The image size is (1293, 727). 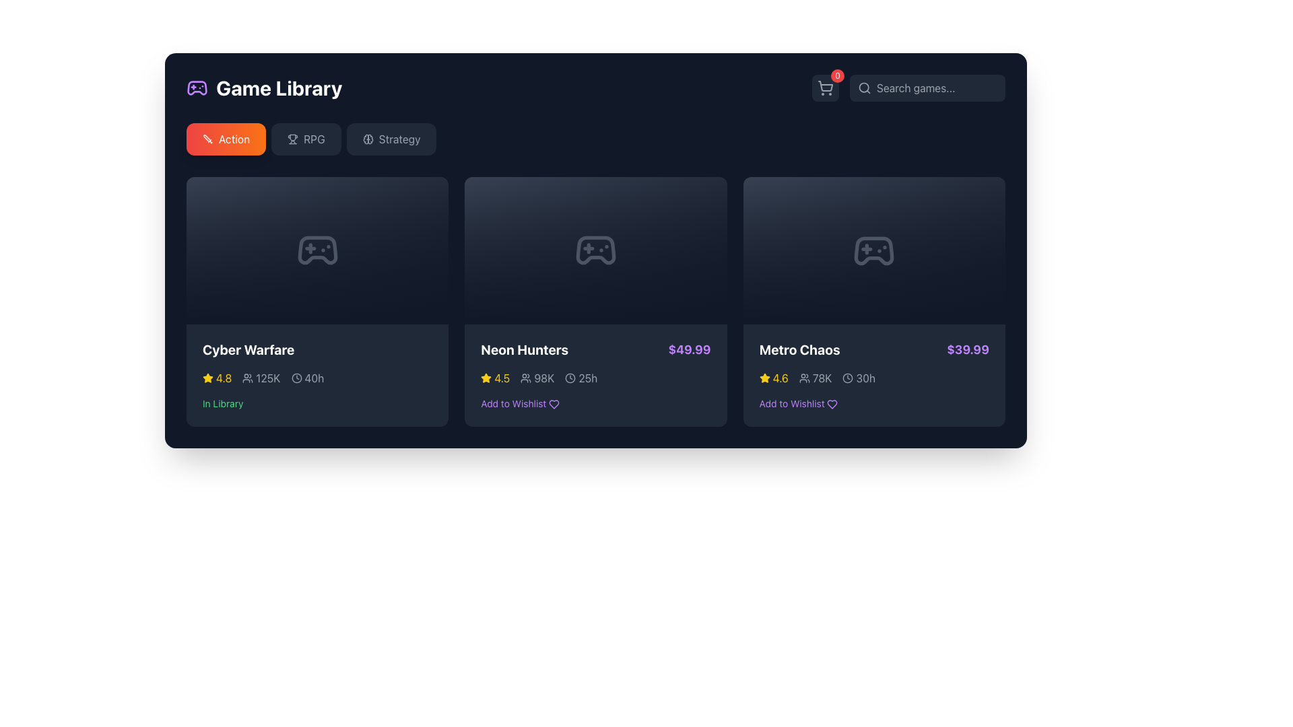 What do you see at coordinates (595, 250) in the screenshot?
I see `the game controller icon located in the second game card, which is directly above the title 'Neon Hunters' priced at $49.99` at bounding box center [595, 250].